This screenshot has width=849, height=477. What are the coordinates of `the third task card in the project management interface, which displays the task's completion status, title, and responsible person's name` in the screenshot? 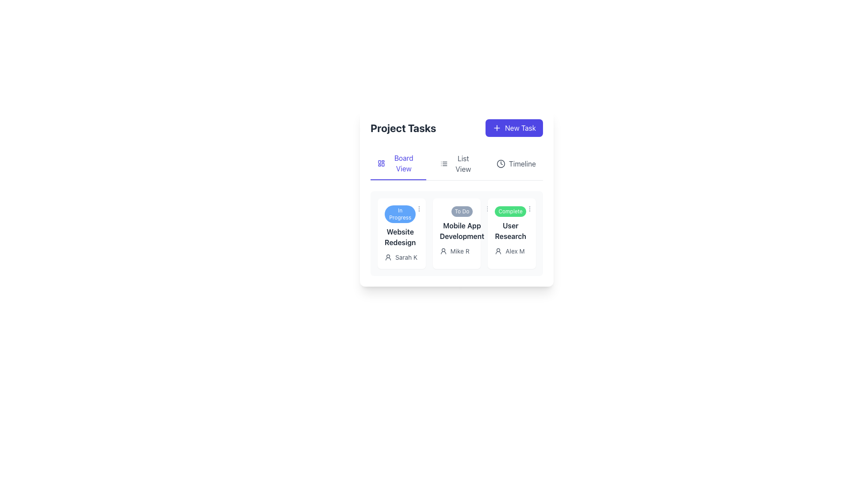 It's located at (512, 233).